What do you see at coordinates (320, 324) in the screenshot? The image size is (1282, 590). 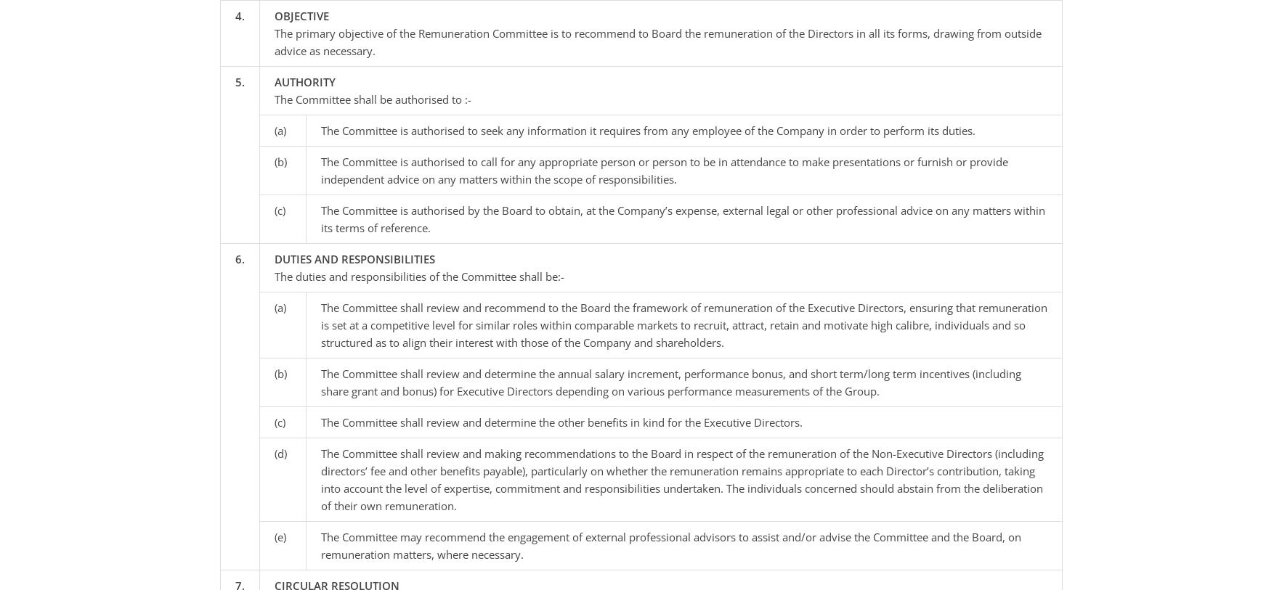 I see `'The Committee shall review and recommend to the  Board the framework of remuneration of the Executive Directors, ensuring that  remuneration is set at a competitive level for similar roles within comparable  markets to recruit, attract, retain and motivate high calibre, individuals and  so structured as to align their interest with those of the Company and  shareholders.'` at bounding box center [320, 324].